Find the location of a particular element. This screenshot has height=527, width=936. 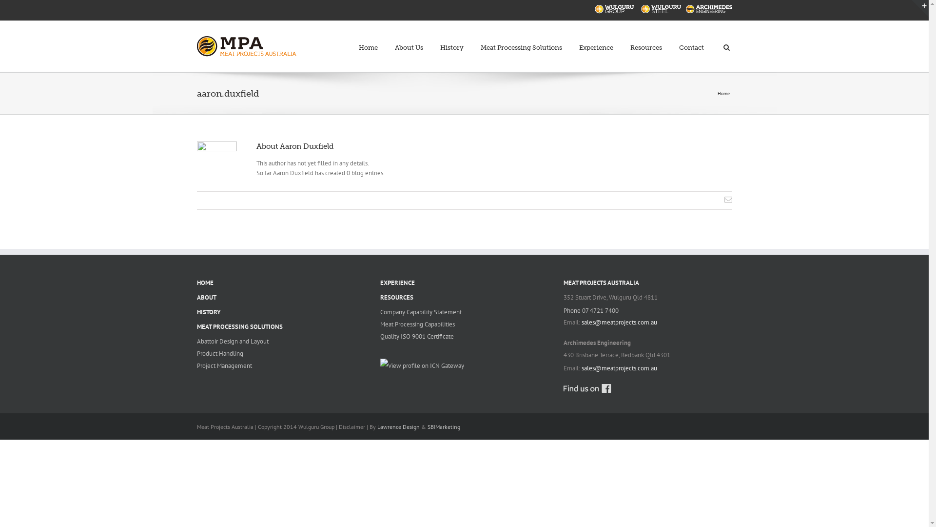

'History' is located at coordinates (451, 41).